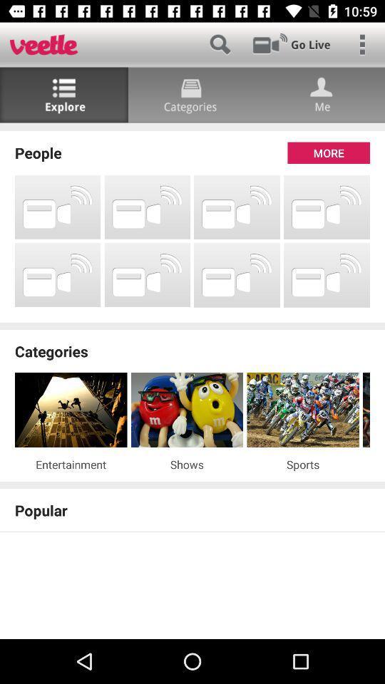  What do you see at coordinates (192, 126) in the screenshot?
I see `the item above the more icon` at bounding box center [192, 126].